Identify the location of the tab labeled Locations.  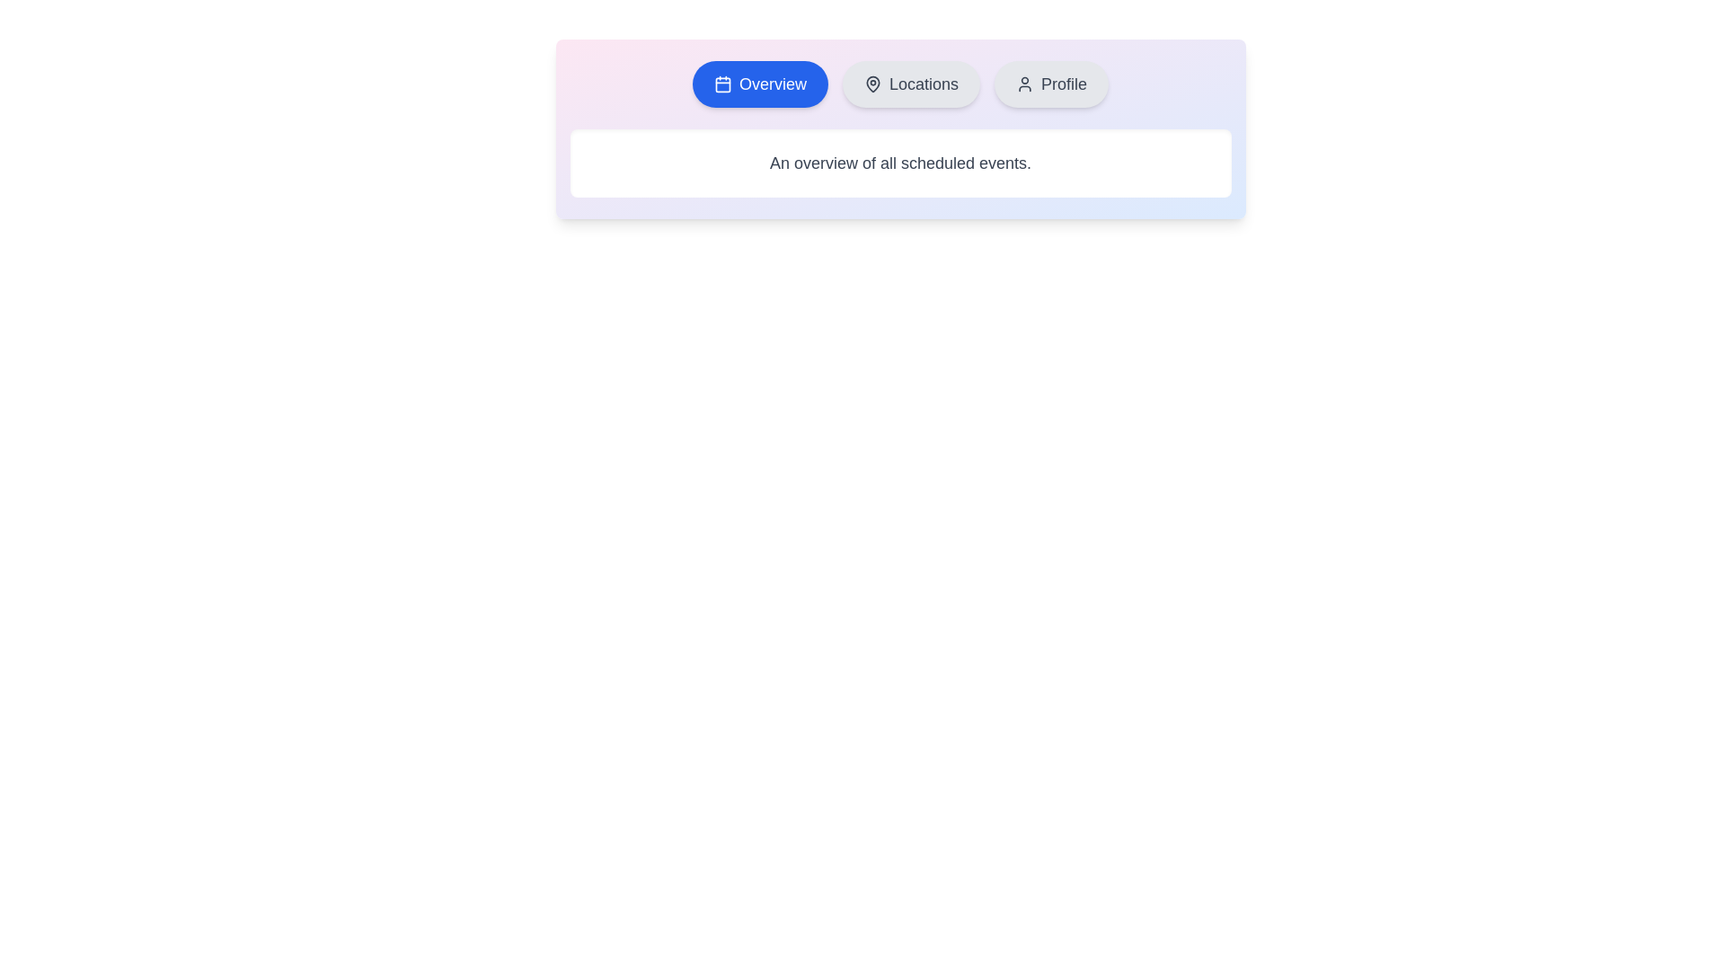
(911, 84).